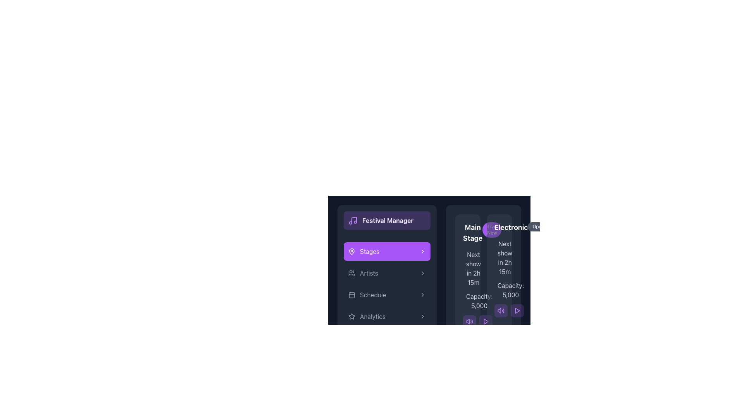 This screenshot has height=418, width=744. I want to click on the Schedule icon located in the vertical menu on the left side of the interface, which helps users quickly identify the Schedule section, so click(351, 295).